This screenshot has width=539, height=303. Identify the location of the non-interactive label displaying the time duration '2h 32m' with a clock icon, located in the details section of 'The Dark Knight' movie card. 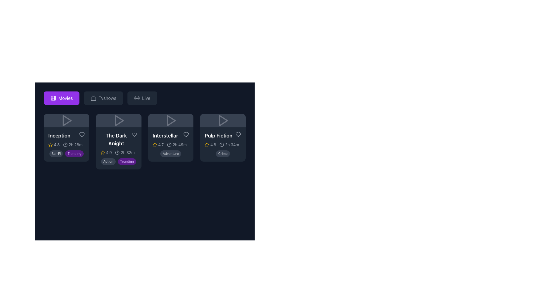
(124, 152).